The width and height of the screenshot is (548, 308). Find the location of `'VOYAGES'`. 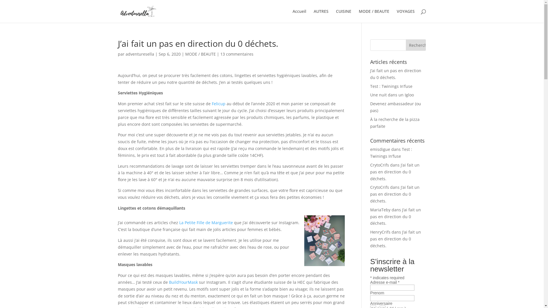

'VOYAGES' is located at coordinates (405, 16).